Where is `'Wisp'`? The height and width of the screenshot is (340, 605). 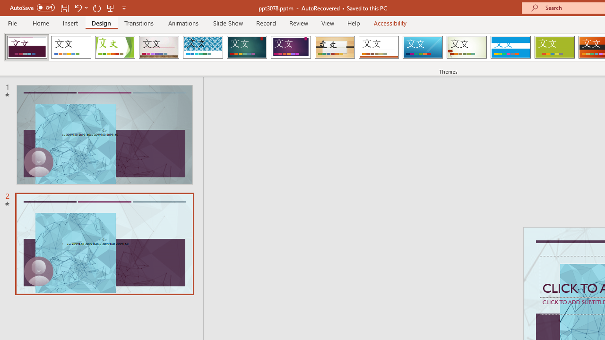
'Wisp' is located at coordinates (467, 47).